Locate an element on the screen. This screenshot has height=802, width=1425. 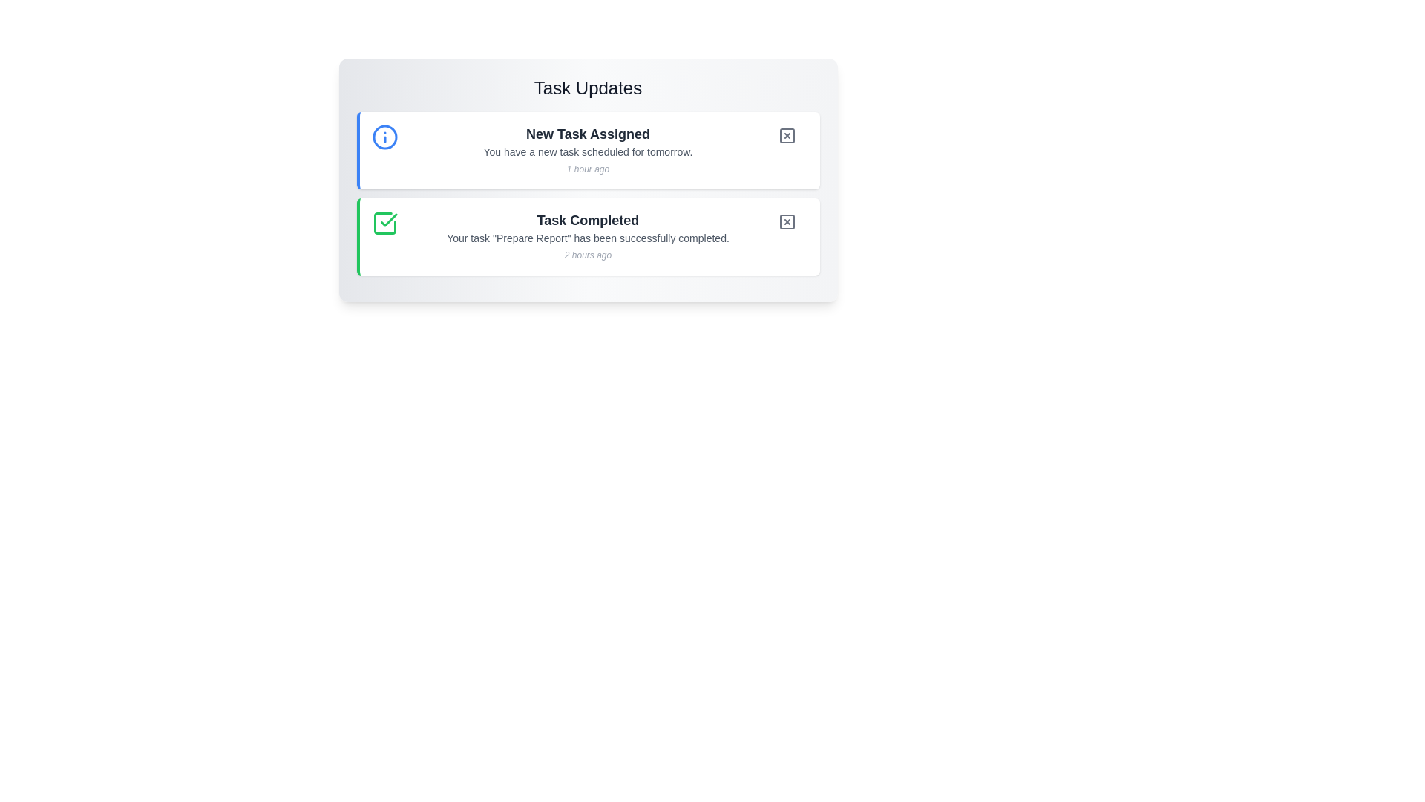
the circular button with a gray 'X' icon located to the far-right of the 'New Task Assigned' notification box is located at coordinates (786, 134).